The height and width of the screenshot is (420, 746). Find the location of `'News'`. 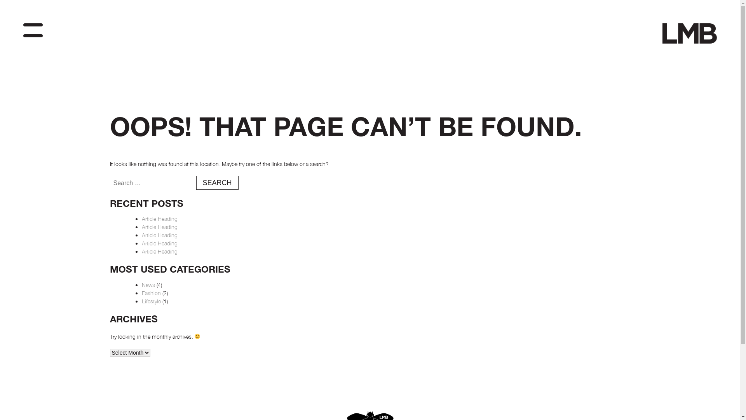

'News' is located at coordinates (148, 285).